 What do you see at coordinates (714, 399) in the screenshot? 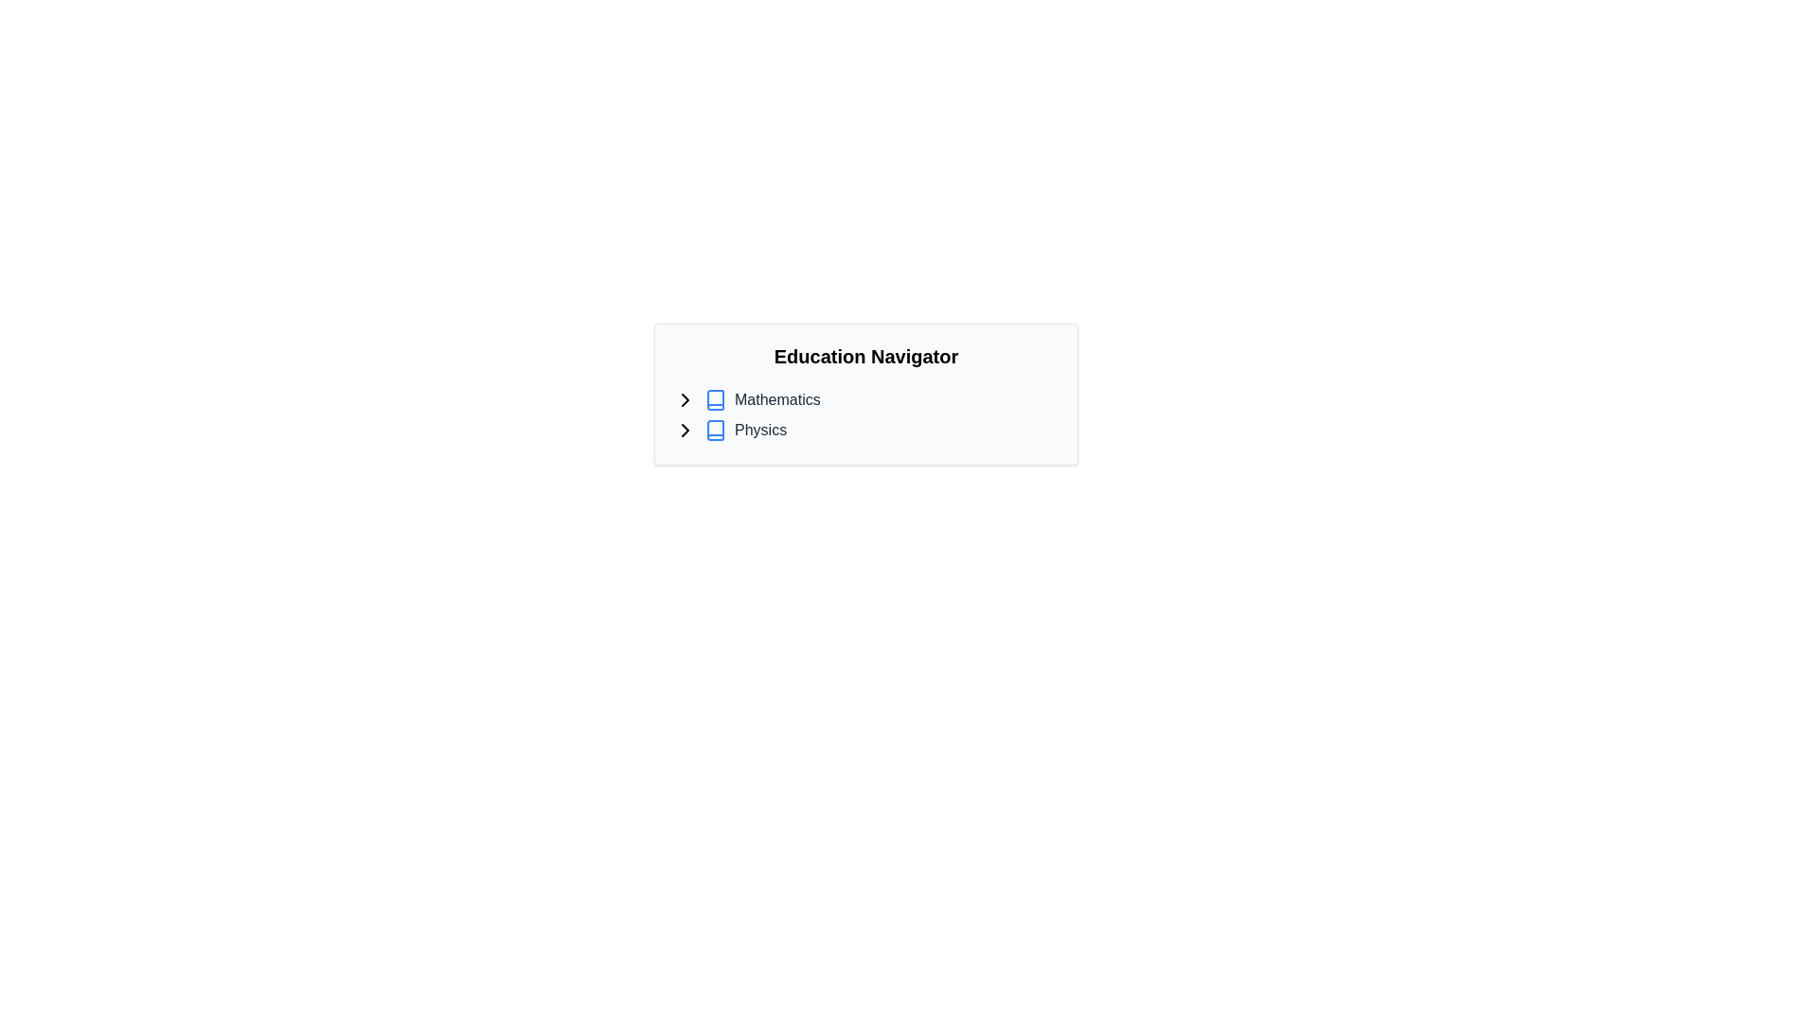
I see `the book icon element located to the left of the 'Mathematics' label in the vertical list` at bounding box center [714, 399].